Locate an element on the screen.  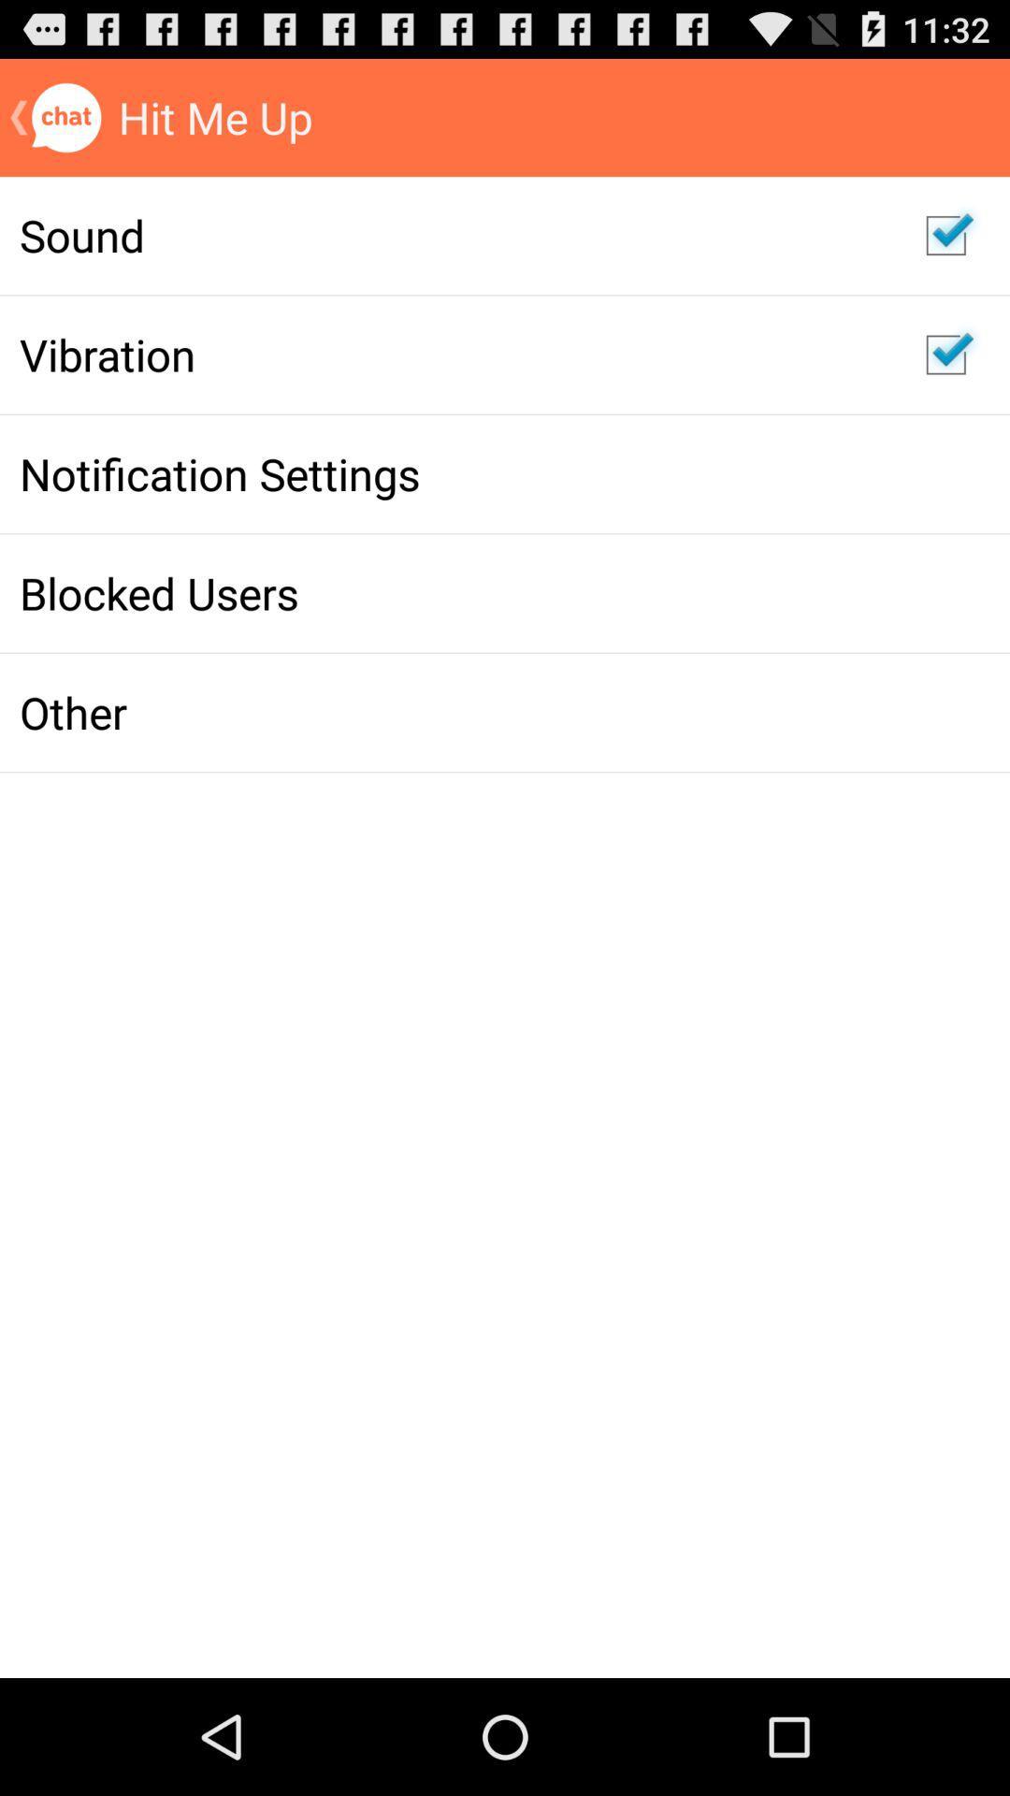
the vibration item is located at coordinates (453, 355).